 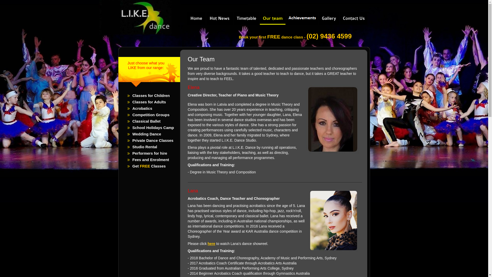 I want to click on 'Classes for Adults', so click(x=149, y=102).